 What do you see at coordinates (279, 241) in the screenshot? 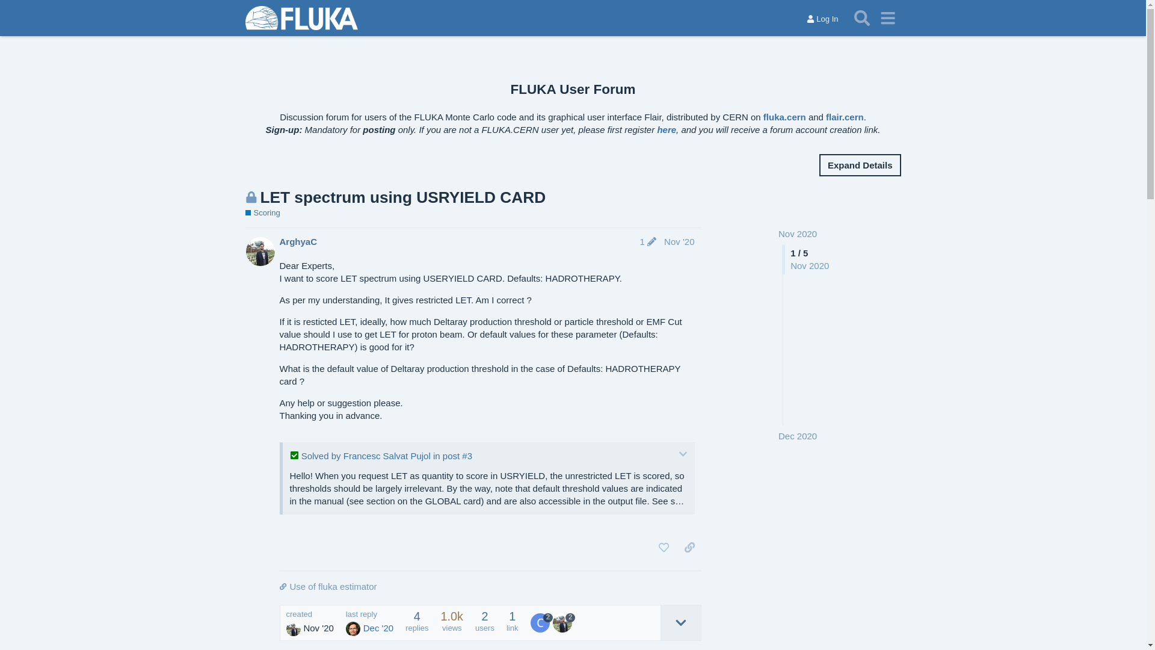
I see `'ArghyaC'` at bounding box center [279, 241].